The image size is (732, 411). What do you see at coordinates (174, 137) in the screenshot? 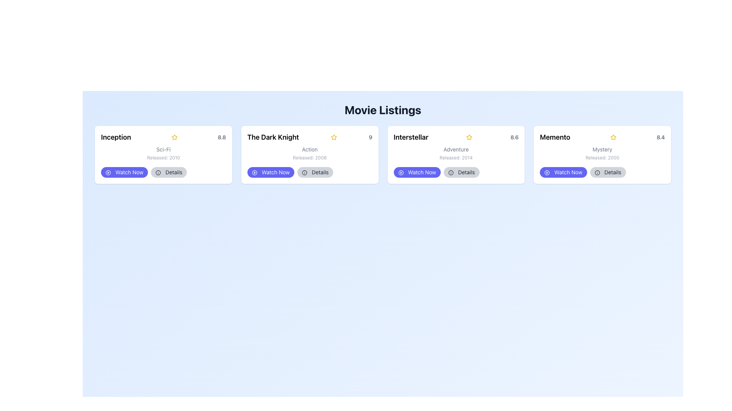
I see `the golden yellow star icon located next to the title 'Inception'` at bounding box center [174, 137].